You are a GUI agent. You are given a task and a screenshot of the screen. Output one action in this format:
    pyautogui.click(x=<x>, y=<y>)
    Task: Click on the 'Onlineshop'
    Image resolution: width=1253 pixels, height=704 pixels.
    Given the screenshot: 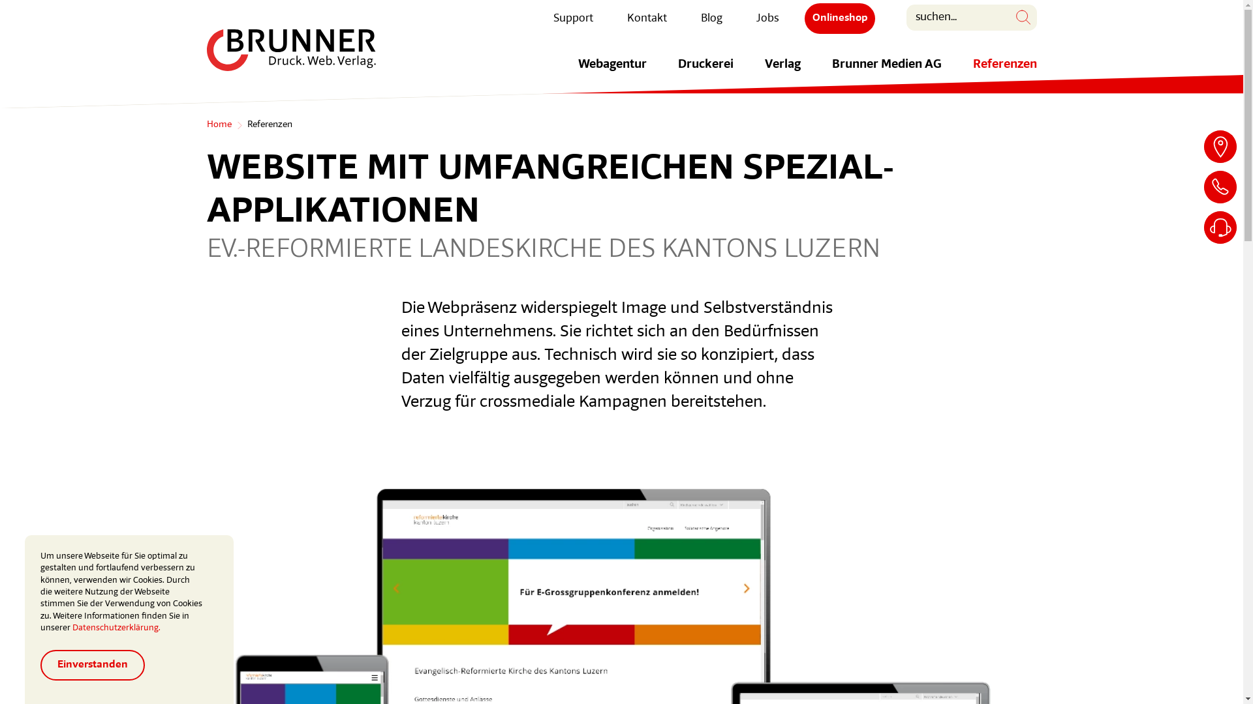 What is the action you would take?
    pyautogui.click(x=839, y=18)
    